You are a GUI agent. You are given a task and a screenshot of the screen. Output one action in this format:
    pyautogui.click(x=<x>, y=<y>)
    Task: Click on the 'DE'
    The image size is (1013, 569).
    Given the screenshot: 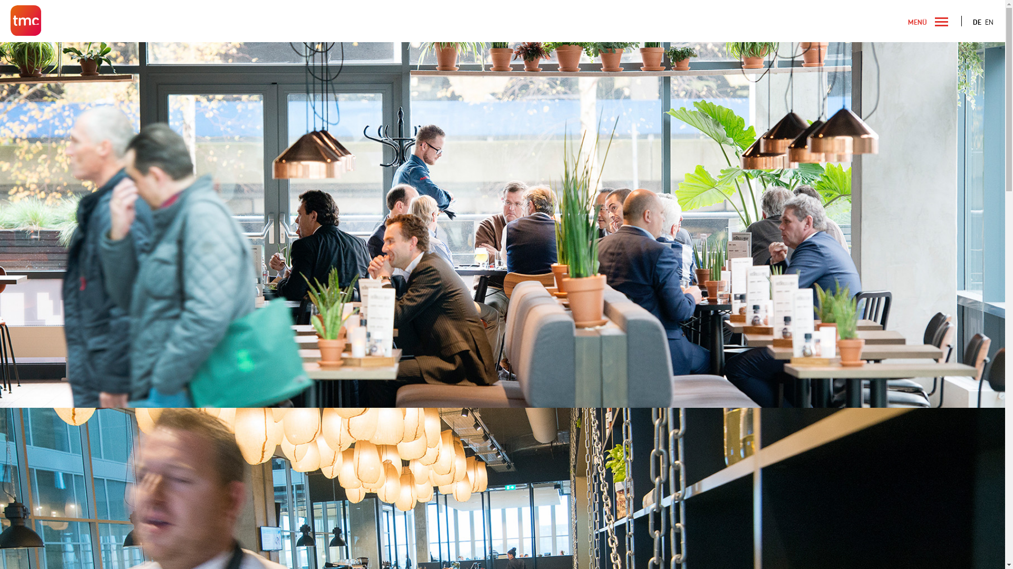 What is the action you would take?
    pyautogui.click(x=977, y=22)
    